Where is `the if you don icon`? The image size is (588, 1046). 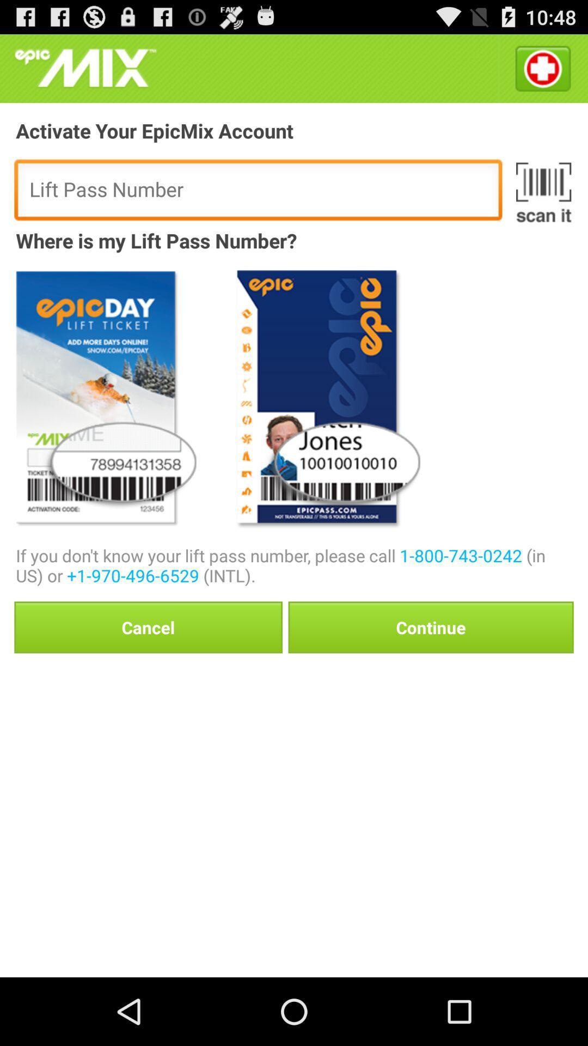
the if you don icon is located at coordinates (295, 565).